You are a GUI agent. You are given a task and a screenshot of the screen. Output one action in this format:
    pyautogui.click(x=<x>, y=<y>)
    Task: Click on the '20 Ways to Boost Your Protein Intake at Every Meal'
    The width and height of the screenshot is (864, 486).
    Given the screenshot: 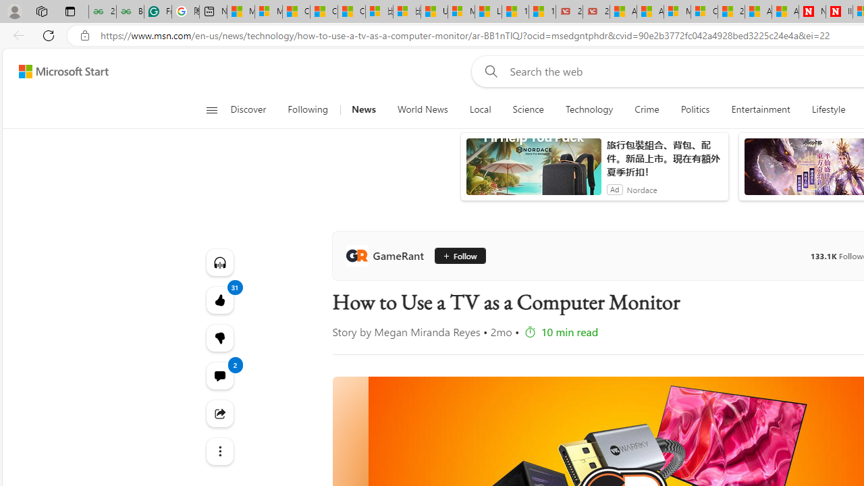 What is the action you would take?
    pyautogui.click(x=730, y=11)
    